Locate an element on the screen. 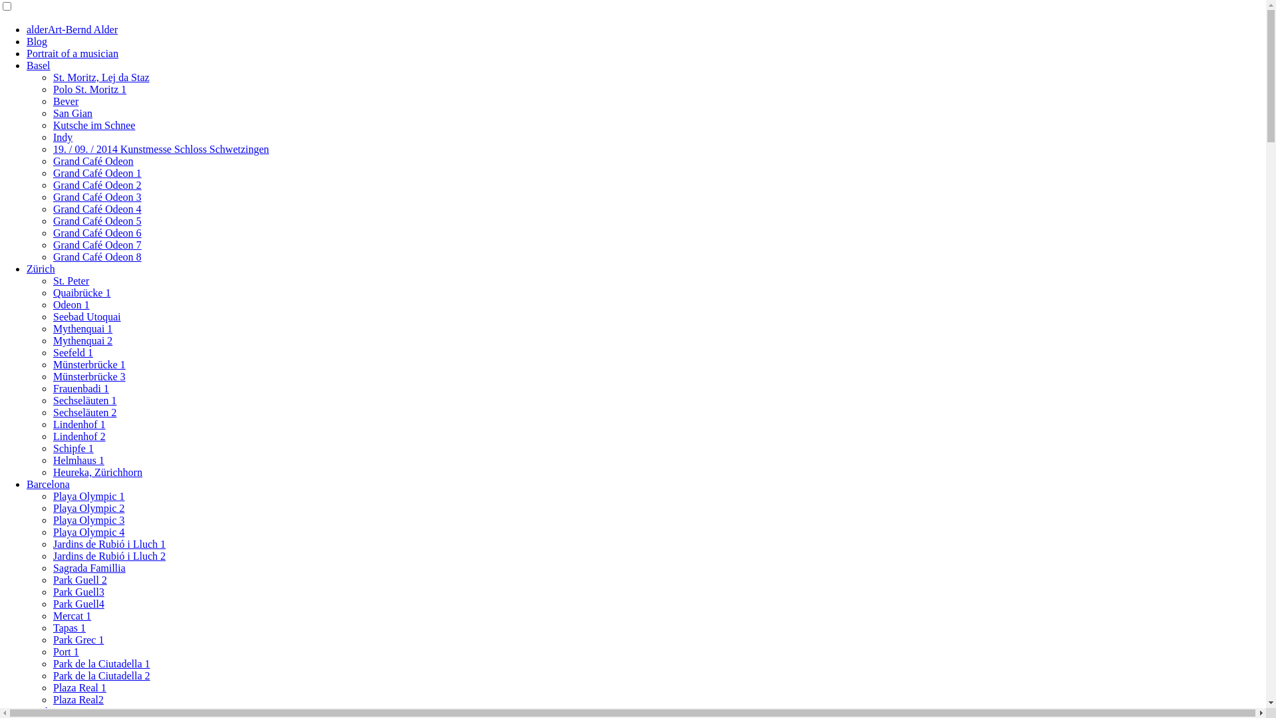 The width and height of the screenshot is (1276, 718). 'Plaza Real2' is located at coordinates (78, 699).